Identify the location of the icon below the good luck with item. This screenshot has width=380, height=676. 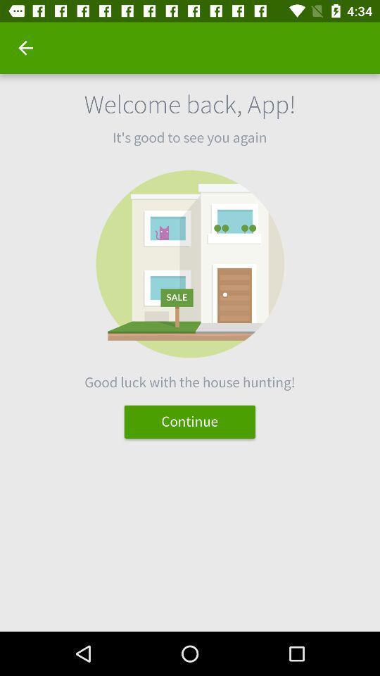
(189, 422).